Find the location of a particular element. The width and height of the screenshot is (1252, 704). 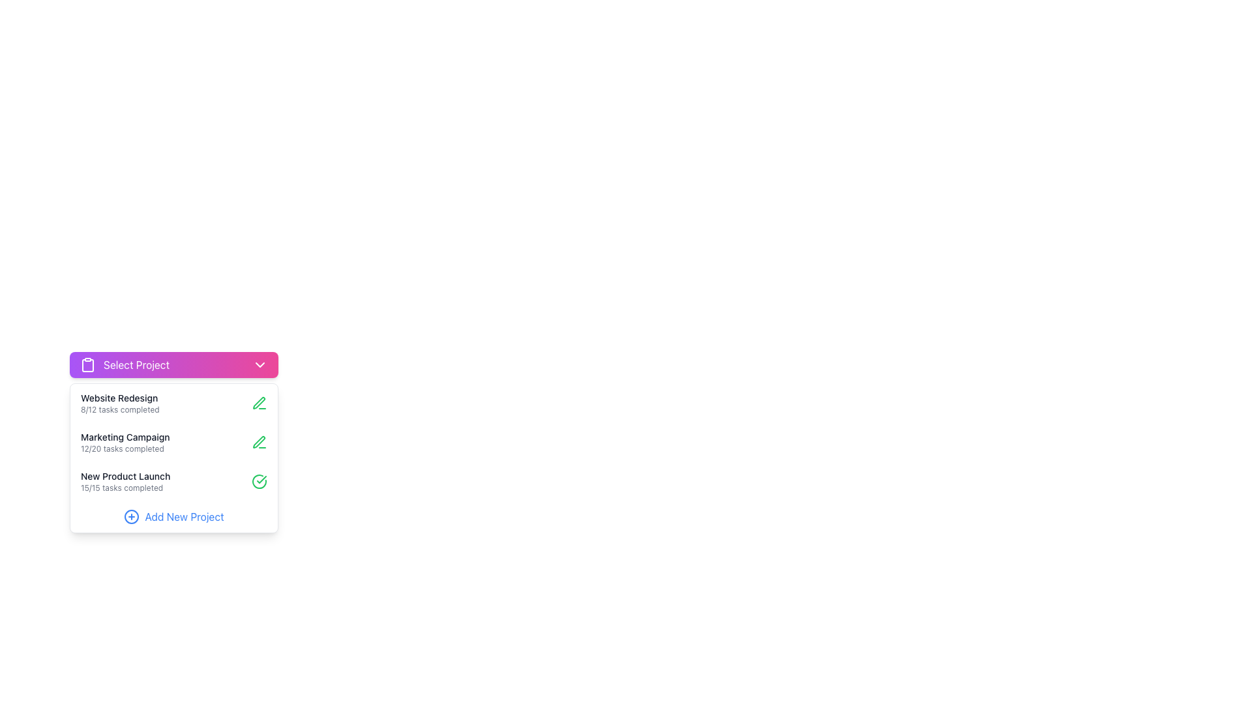

the chevron icon located at the far-right side of the 'Select Project' button is located at coordinates (260, 364).